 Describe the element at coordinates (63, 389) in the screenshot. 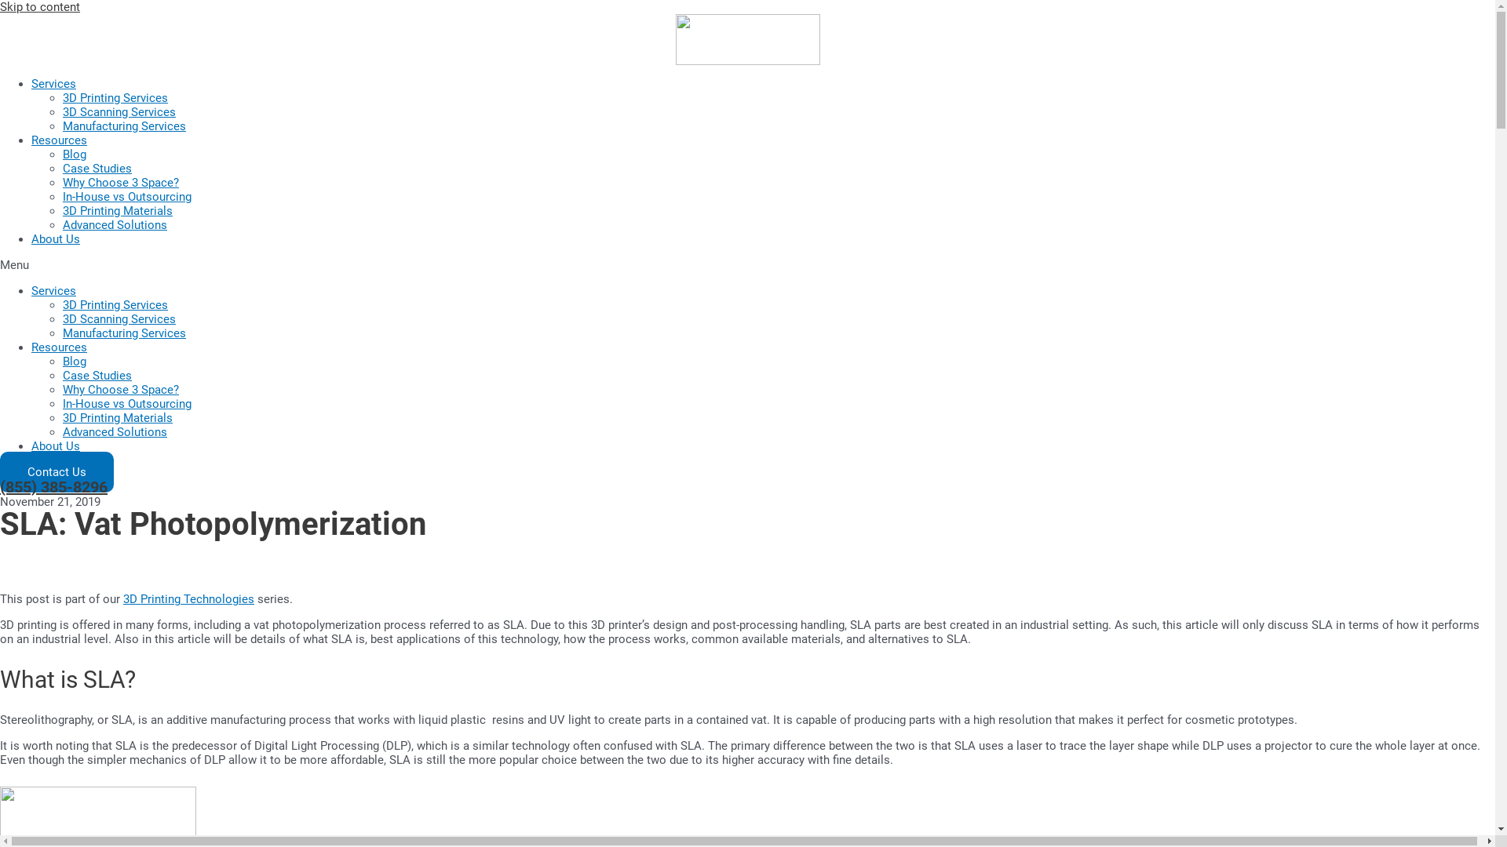

I see `'Why Choose 3 Space?'` at that location.